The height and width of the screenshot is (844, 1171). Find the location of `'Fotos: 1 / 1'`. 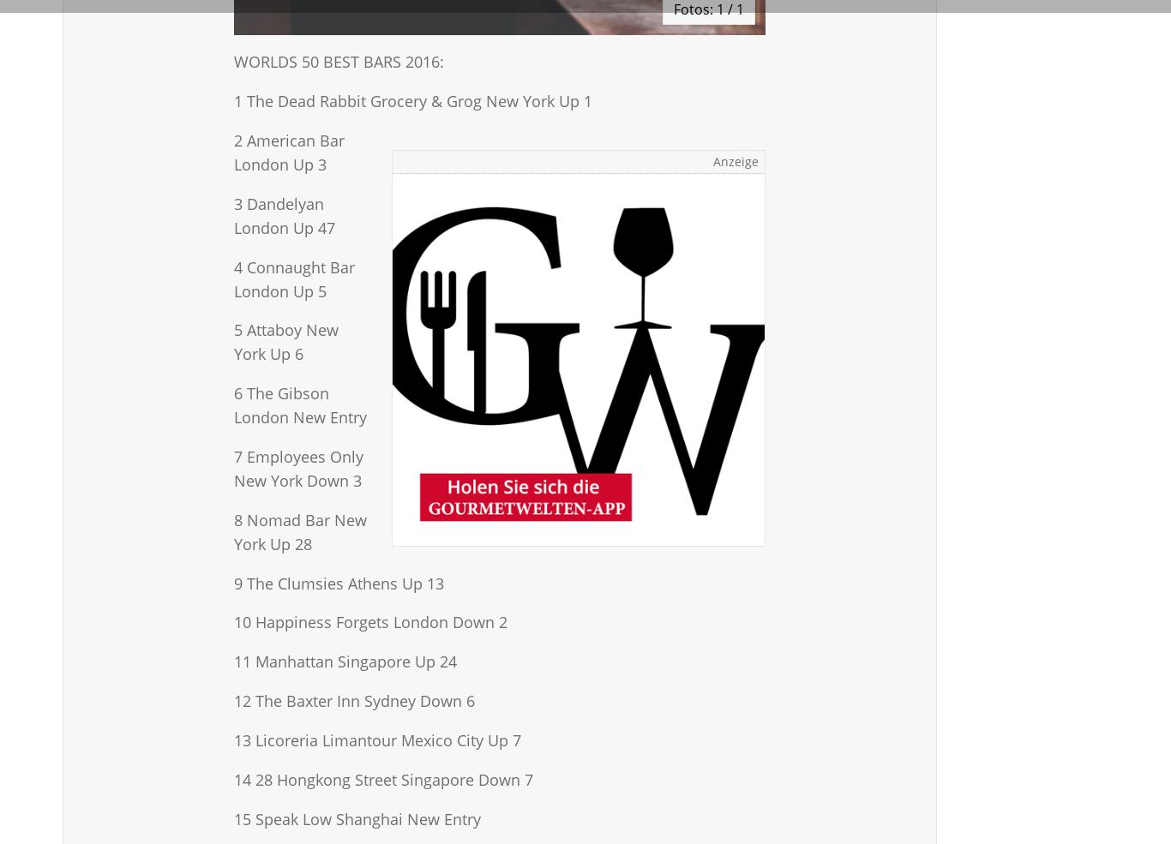

'Fotos: 1 / 1' is located at coordinates (673, 9).